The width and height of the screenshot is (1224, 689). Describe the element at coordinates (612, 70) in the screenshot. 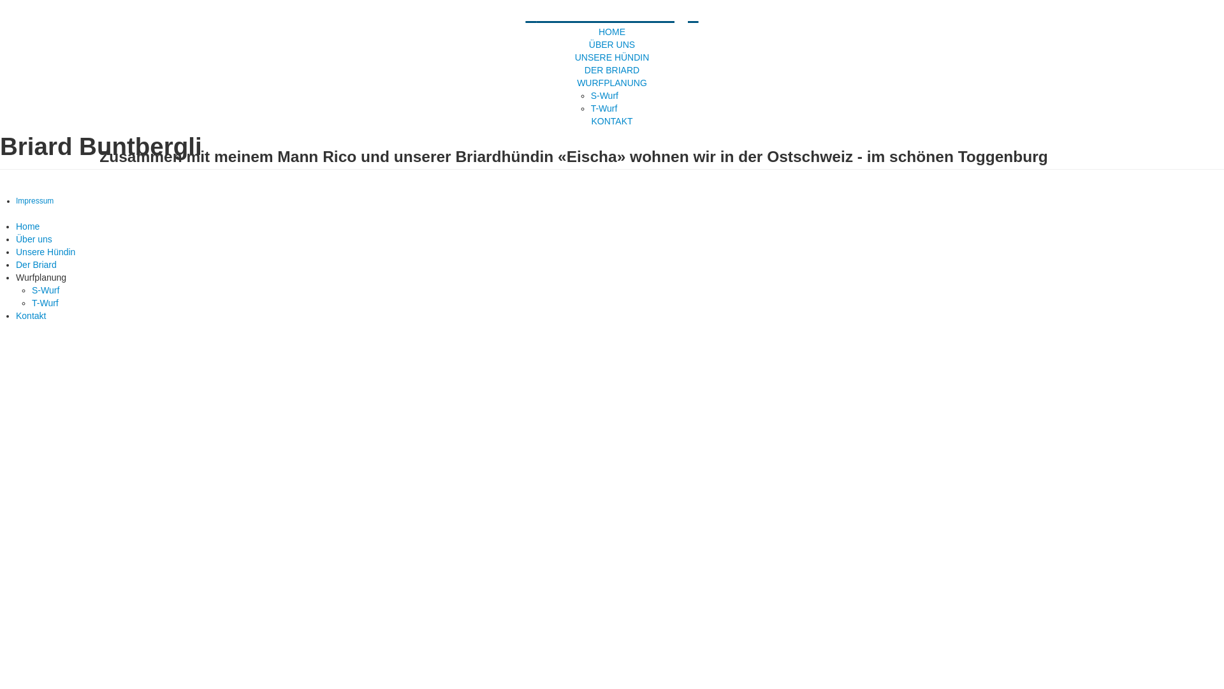

I see `'DER BRIARD'` at that location.